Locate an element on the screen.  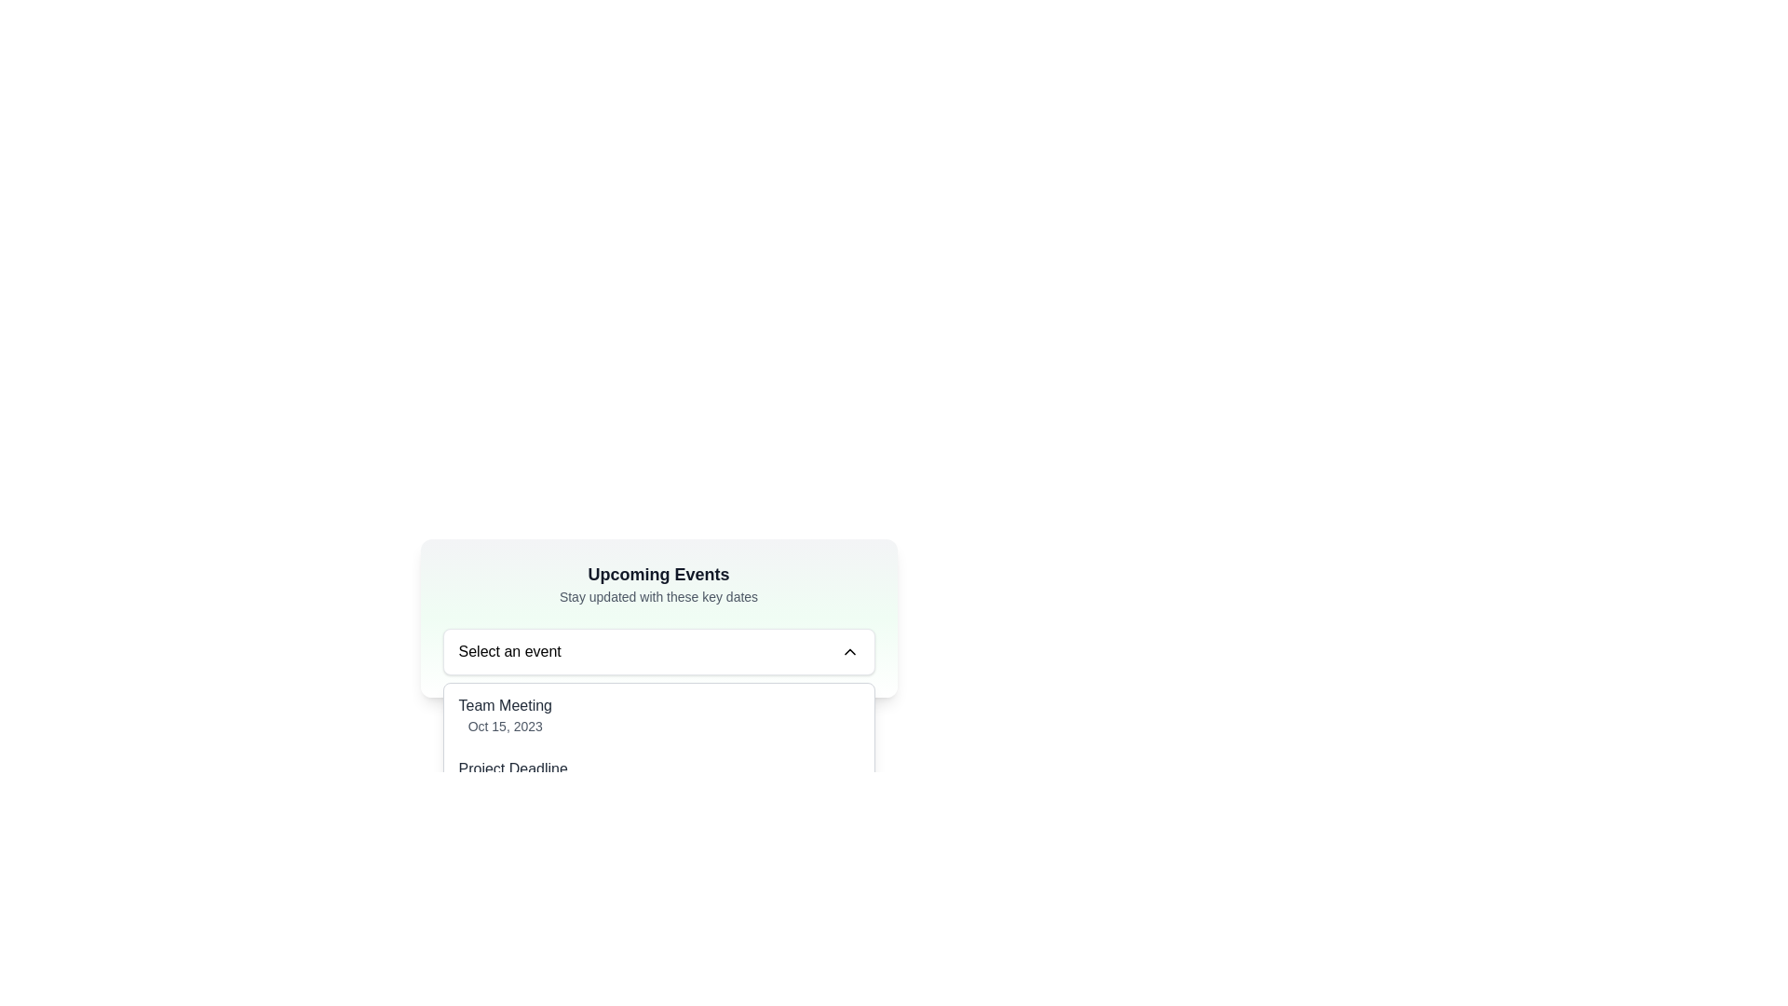
the second item in the dropdown menu under 'Upcoming Events' is located at coordinates (658, 779).